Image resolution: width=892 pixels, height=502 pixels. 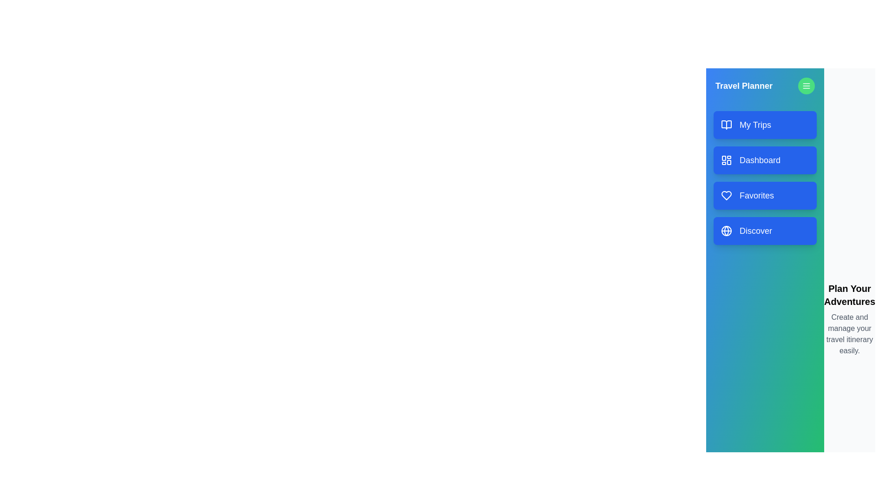 I want to click on the menu item Favorites to navigate, so click(x=765, y=195).